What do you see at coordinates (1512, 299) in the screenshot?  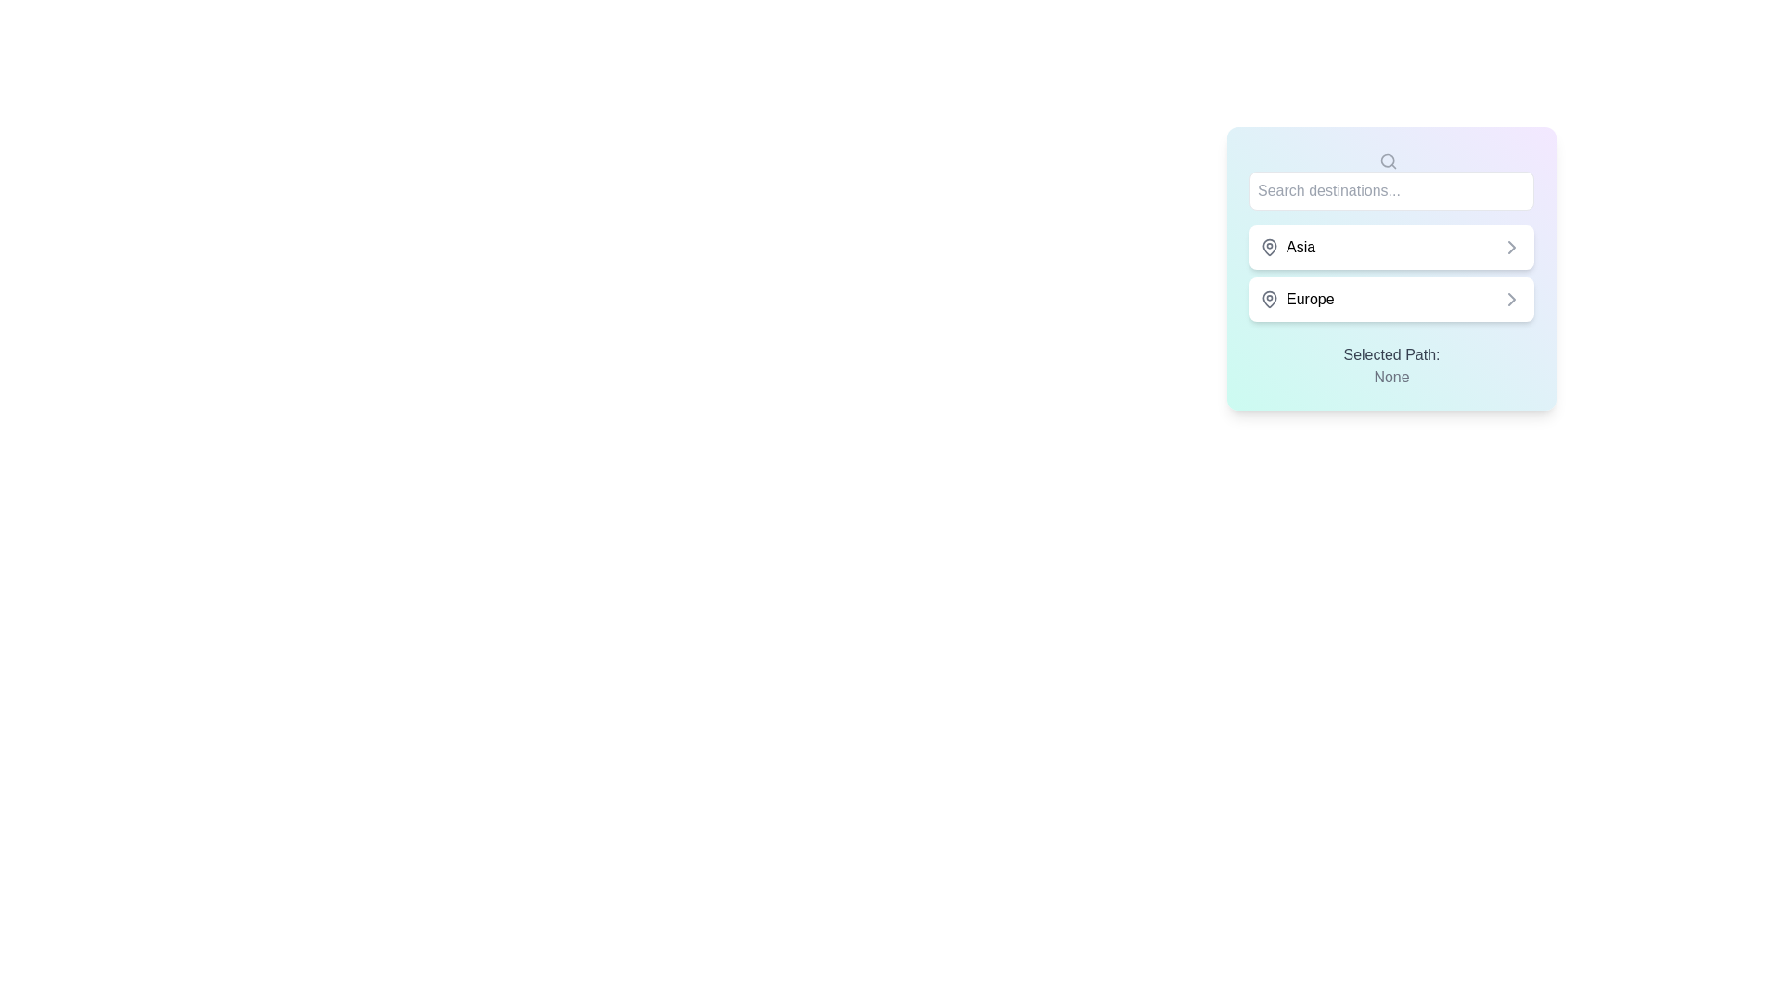 I see `the chevron-right icon located to the right of the 'Europe' text in the 'Search destinations' menu, indicating it is clickable` at bounding box center [1512, 299].